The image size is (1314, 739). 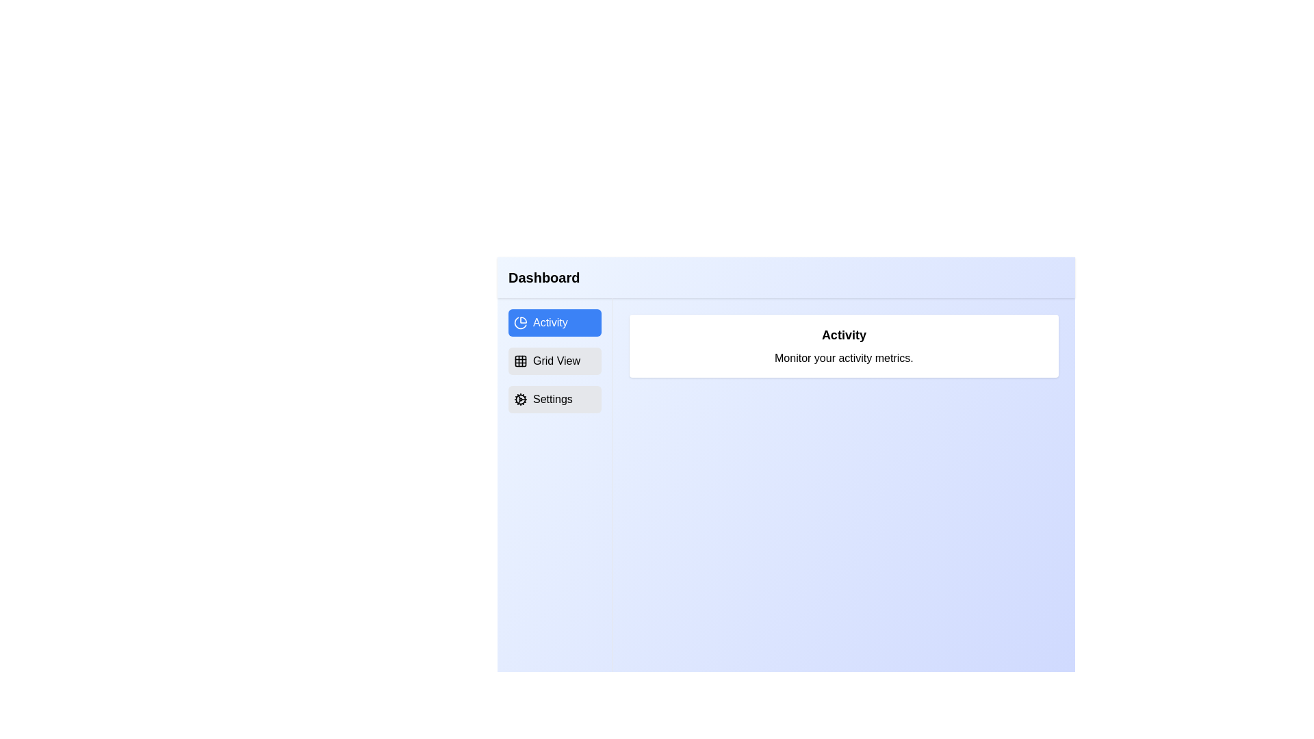 I want to click on the menu item Settings by clicking on it, so click(x=554, y=399).